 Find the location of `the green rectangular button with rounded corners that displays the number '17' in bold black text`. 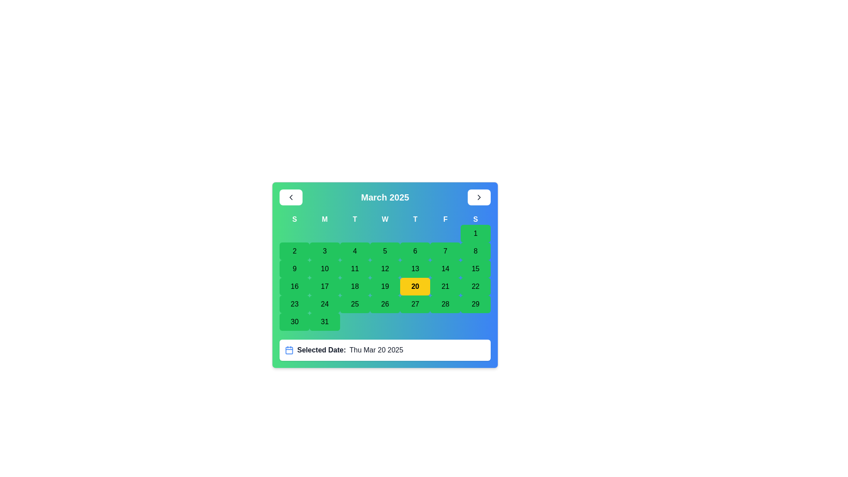

the green rectangular button with rounded corners that displays the number '17' in bold black text is located at coordinates (324, 286).